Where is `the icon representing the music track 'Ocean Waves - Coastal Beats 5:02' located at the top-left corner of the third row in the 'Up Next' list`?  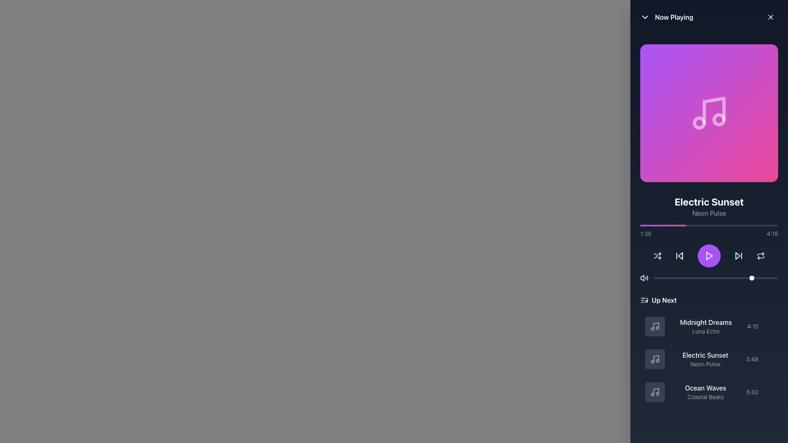 the icon representing the music track 'Ocean Waves - Coastal Beats 5:02' located at the top-left corner of the third row in the 'Up Next' list is located at coordinates (655, 392).